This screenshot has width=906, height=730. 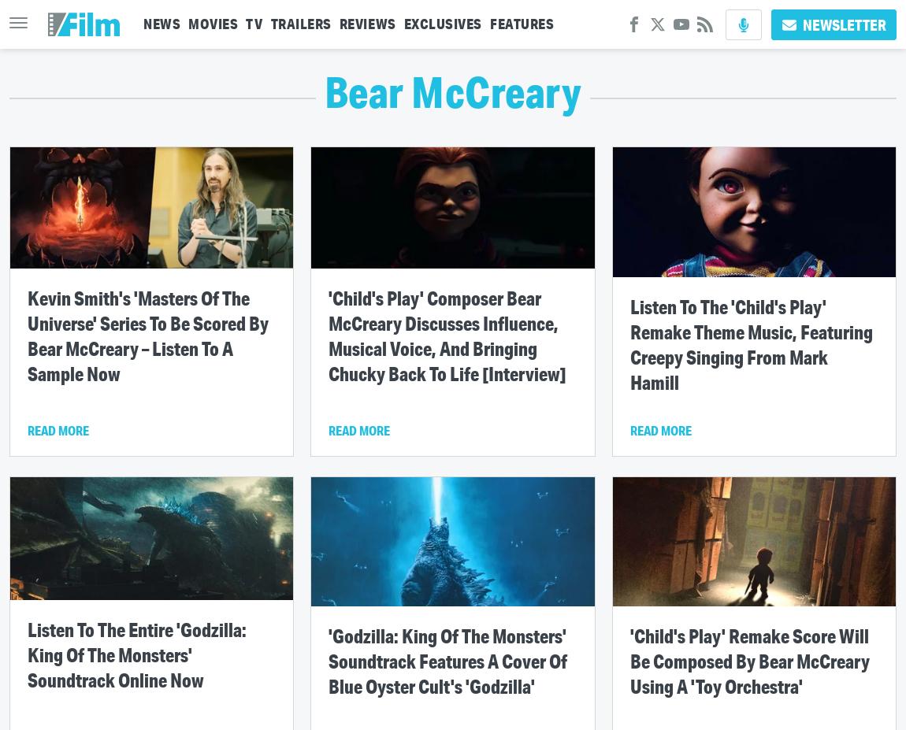 I want to click on ''Child's Play' Composer Bear McCreary Discusses Influence, Musical Voice, And Bringing Chucky Back To Life [Interview]', so click(x=447, y=334).